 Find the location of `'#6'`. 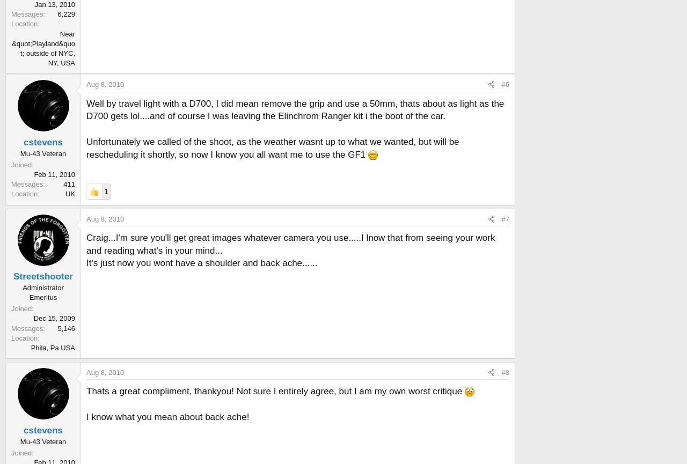

'#6' is located at coordinates (505, 84).